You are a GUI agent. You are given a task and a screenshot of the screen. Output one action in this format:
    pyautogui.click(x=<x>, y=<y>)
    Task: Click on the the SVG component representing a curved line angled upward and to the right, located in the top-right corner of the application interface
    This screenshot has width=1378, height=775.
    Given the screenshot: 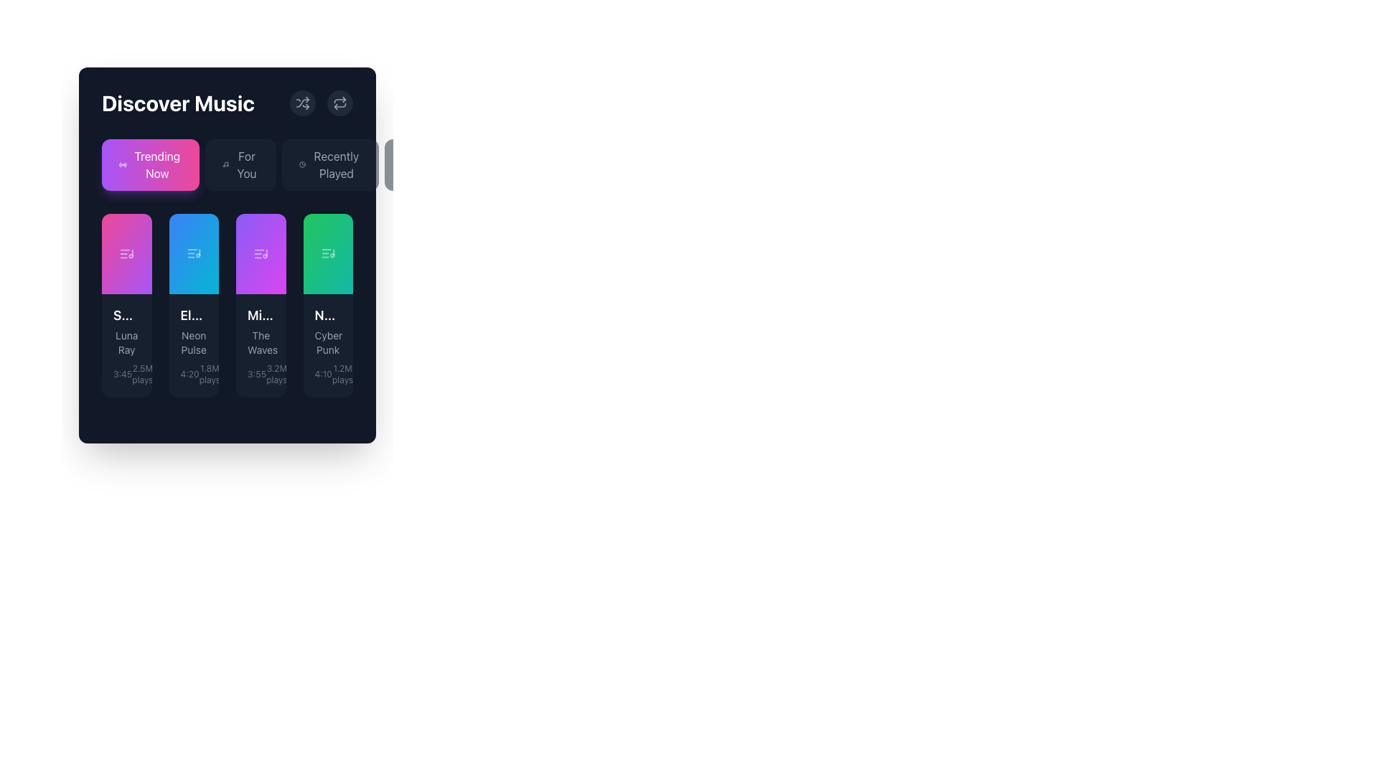 What is the action you would take?
    pyautogui.click(x=302, y=102)
    